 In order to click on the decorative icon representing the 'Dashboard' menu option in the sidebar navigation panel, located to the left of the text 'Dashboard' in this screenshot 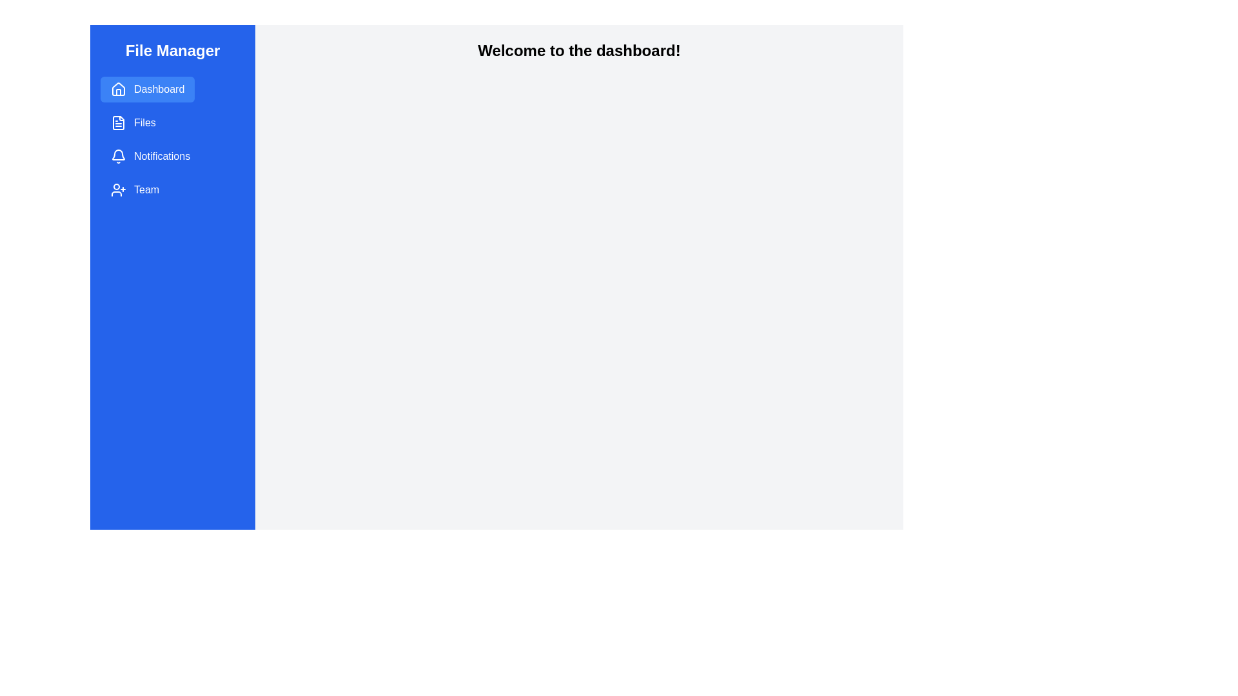, I will do `click(118, 88)`.